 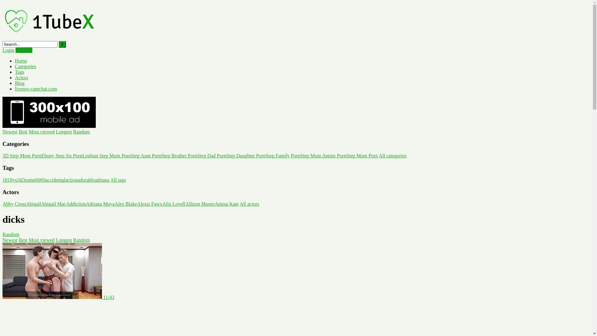 I want to click on '18', so click(x=2, y=180).